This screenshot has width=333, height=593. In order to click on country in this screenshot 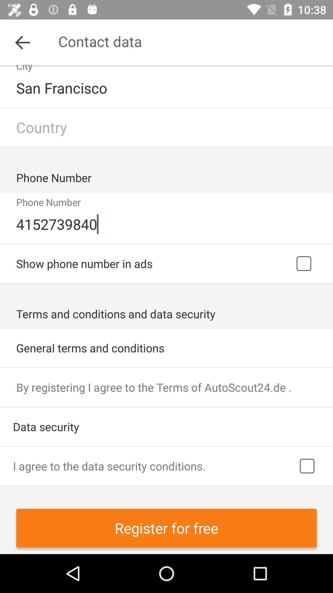, I will do `click(166, 127)`.